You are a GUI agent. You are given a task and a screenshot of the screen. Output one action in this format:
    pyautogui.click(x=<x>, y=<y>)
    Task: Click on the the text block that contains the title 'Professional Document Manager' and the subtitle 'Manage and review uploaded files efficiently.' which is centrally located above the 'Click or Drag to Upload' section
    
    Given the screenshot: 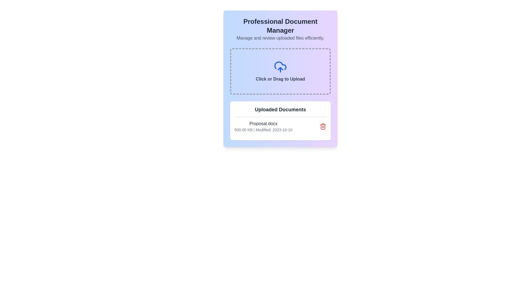 What is the action you would take?
    pyautogui.click(x=280, y=29)
    